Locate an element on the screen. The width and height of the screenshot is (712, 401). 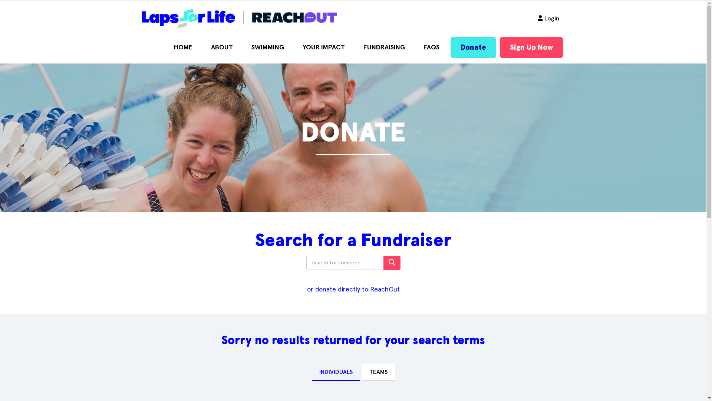
'ABOUT' is located at coordinates (201, 48).